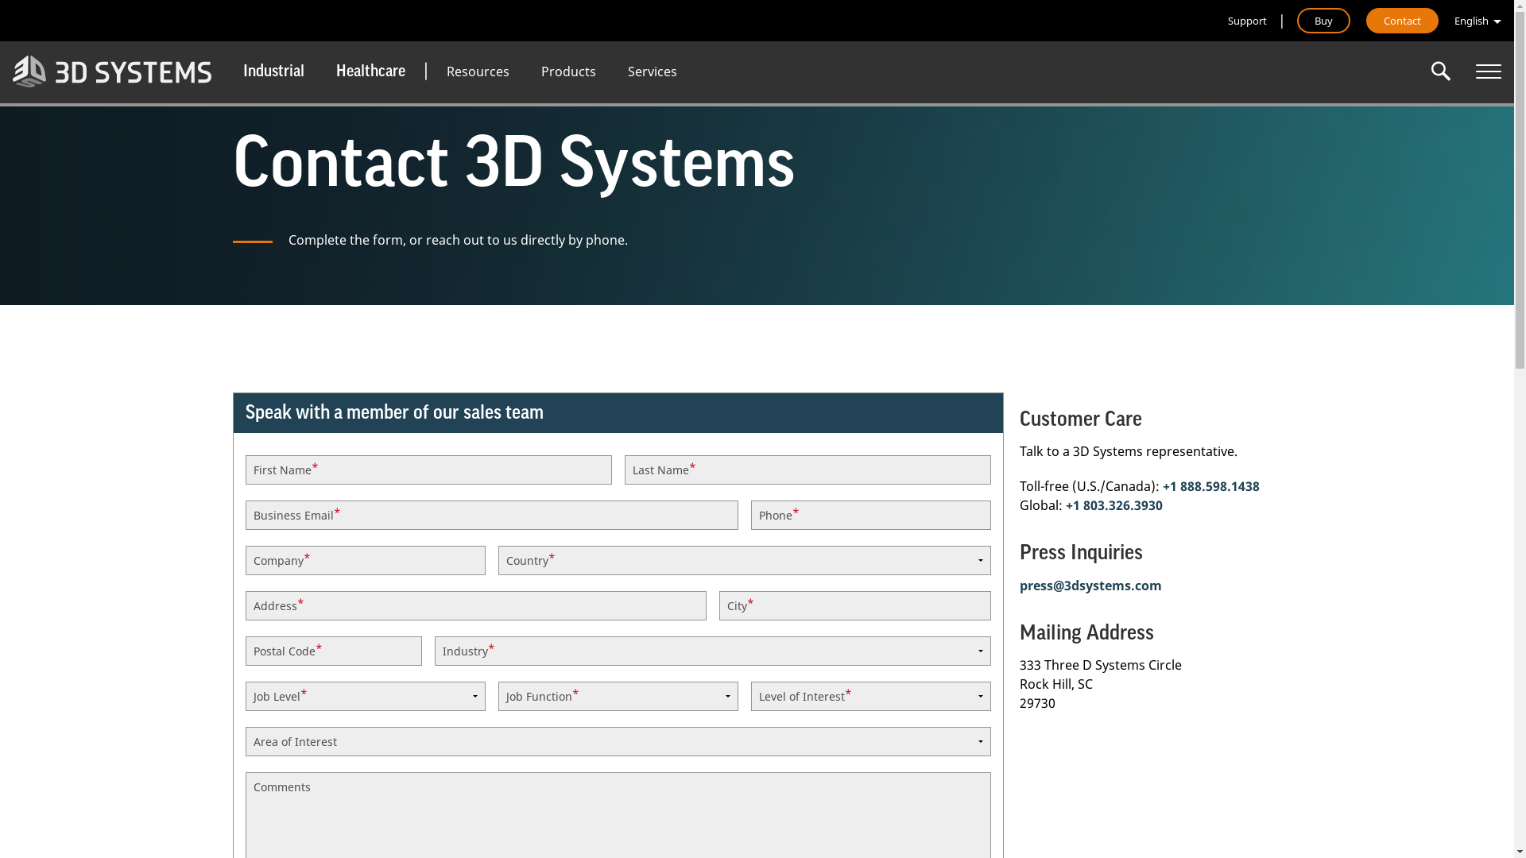 The image size is (1526, 858). What do you see at coordinates (1209, 485) in the screenshot?
I see `'+1 888.598.1438'` at bounding box center [1209, 485].